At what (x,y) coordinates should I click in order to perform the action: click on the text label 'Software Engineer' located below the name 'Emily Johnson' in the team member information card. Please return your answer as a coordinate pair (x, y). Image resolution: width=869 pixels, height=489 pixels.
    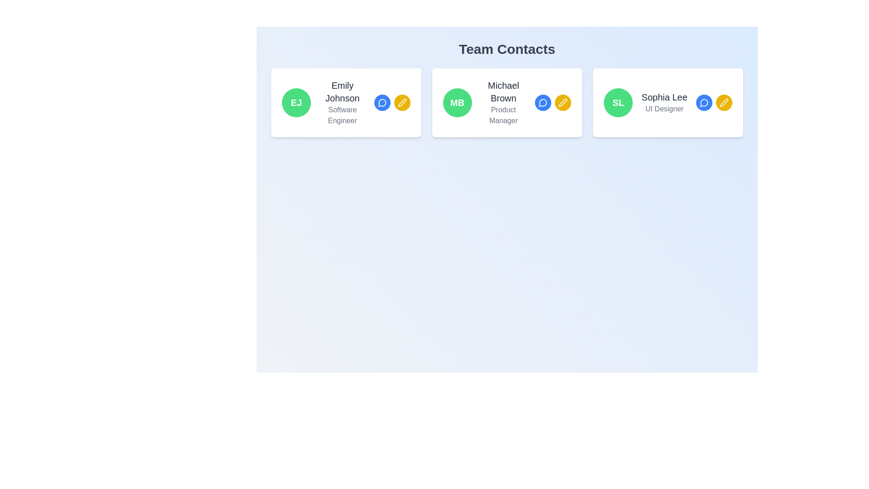
    Looking at the image, I should click on (342, 115).